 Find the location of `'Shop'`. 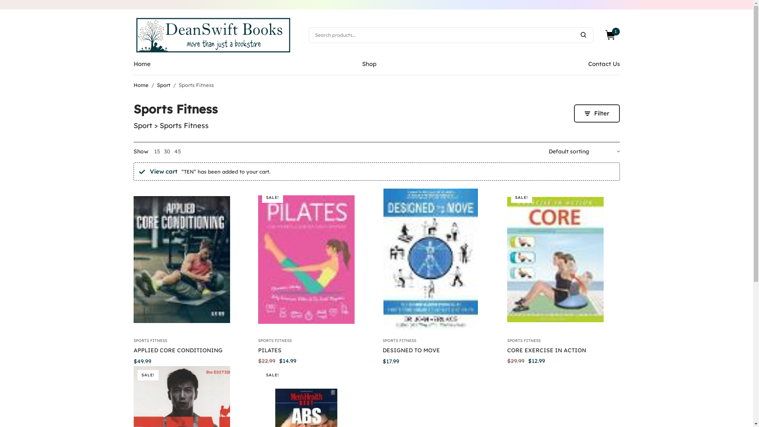

'Shop' is located at coordinates (369, 63).